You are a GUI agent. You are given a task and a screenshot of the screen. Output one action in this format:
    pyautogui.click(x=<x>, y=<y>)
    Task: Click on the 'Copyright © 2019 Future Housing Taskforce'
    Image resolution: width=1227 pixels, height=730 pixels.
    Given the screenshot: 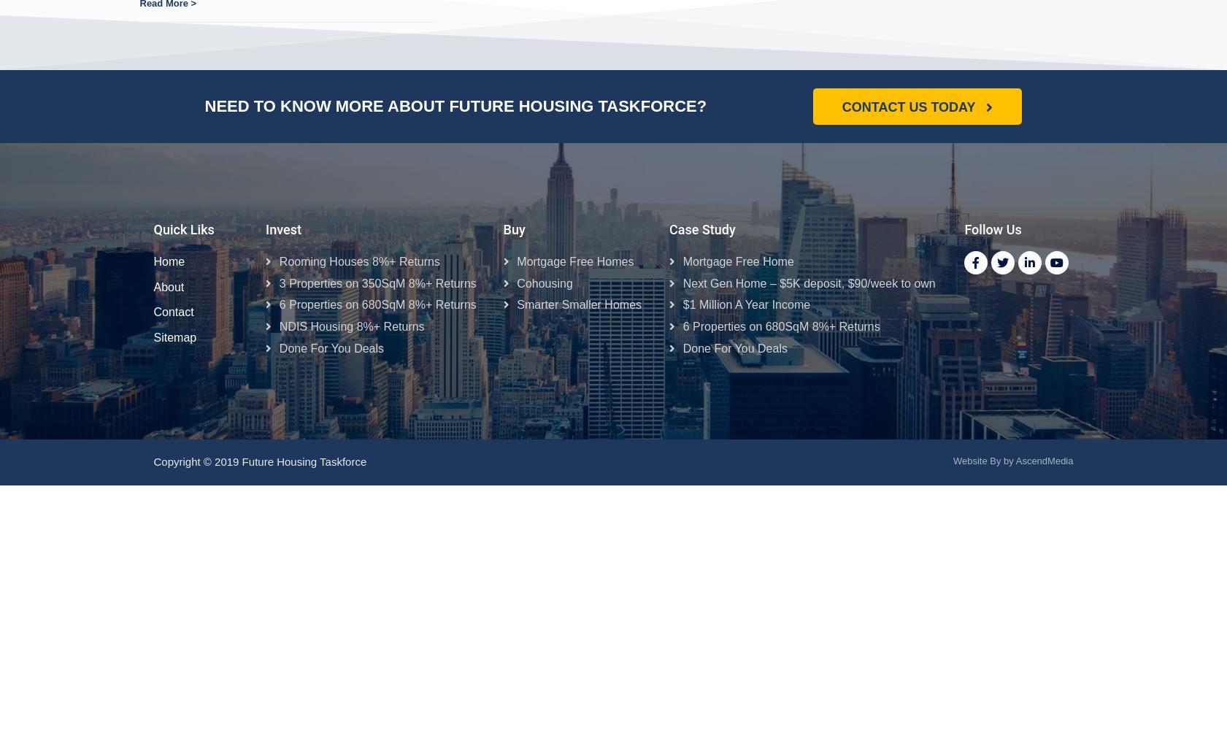 What is the action you would take?
    pyautogui.click(x=263, y=461)
    